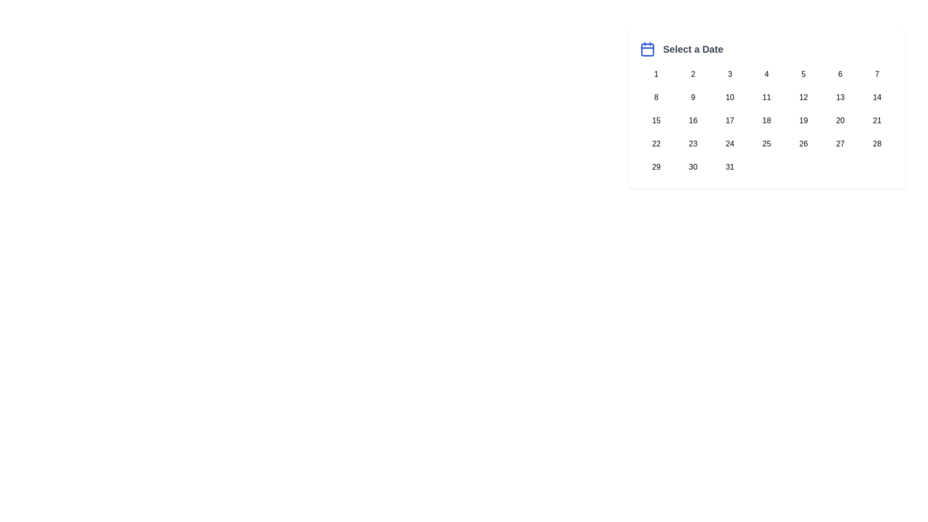 The width and height of the screenshot is (928, 522). Describe the element at coordinates (766, 74) in the screenshot. I see `the rounded rectangular button labeled '4' in the calendar grid within the 'Select a Date' card` at that location.